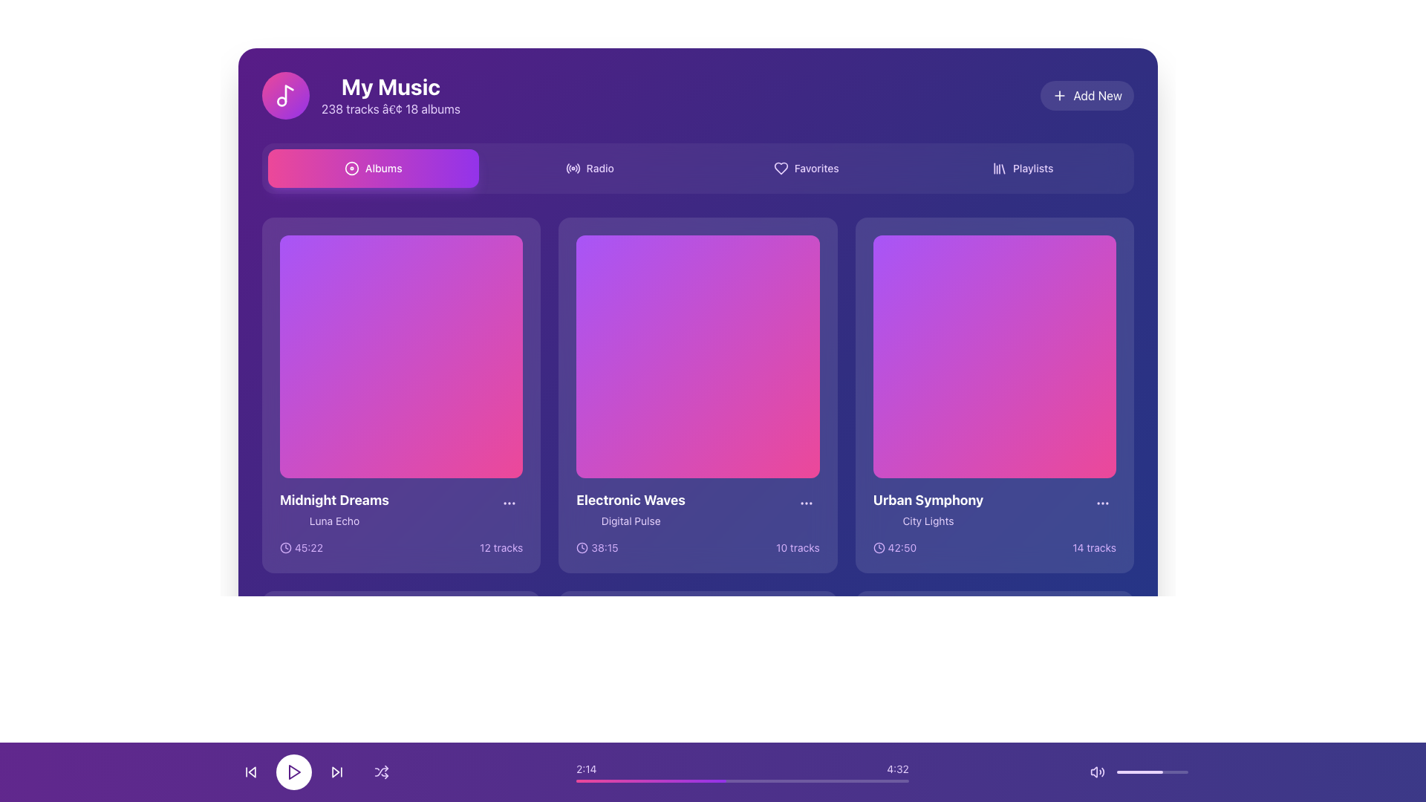  I want to click on the innermost SVG circle element that serves as the decorative background for the clock icon in the 'Urban Symphony' card, so click(879, 548).